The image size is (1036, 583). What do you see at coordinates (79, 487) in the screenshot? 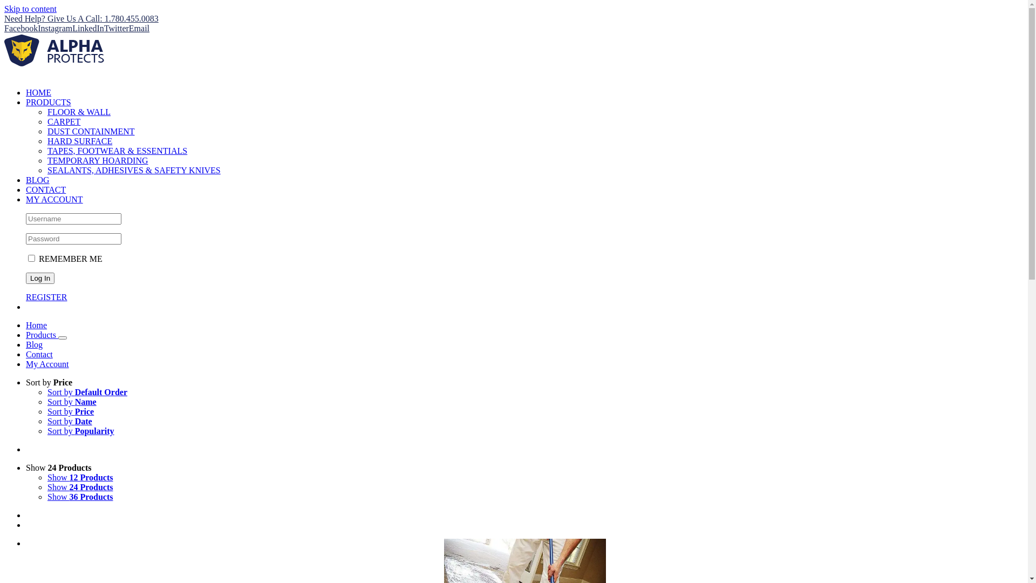
I see `'Show 24 Products'` at bounding box center [79, 487].